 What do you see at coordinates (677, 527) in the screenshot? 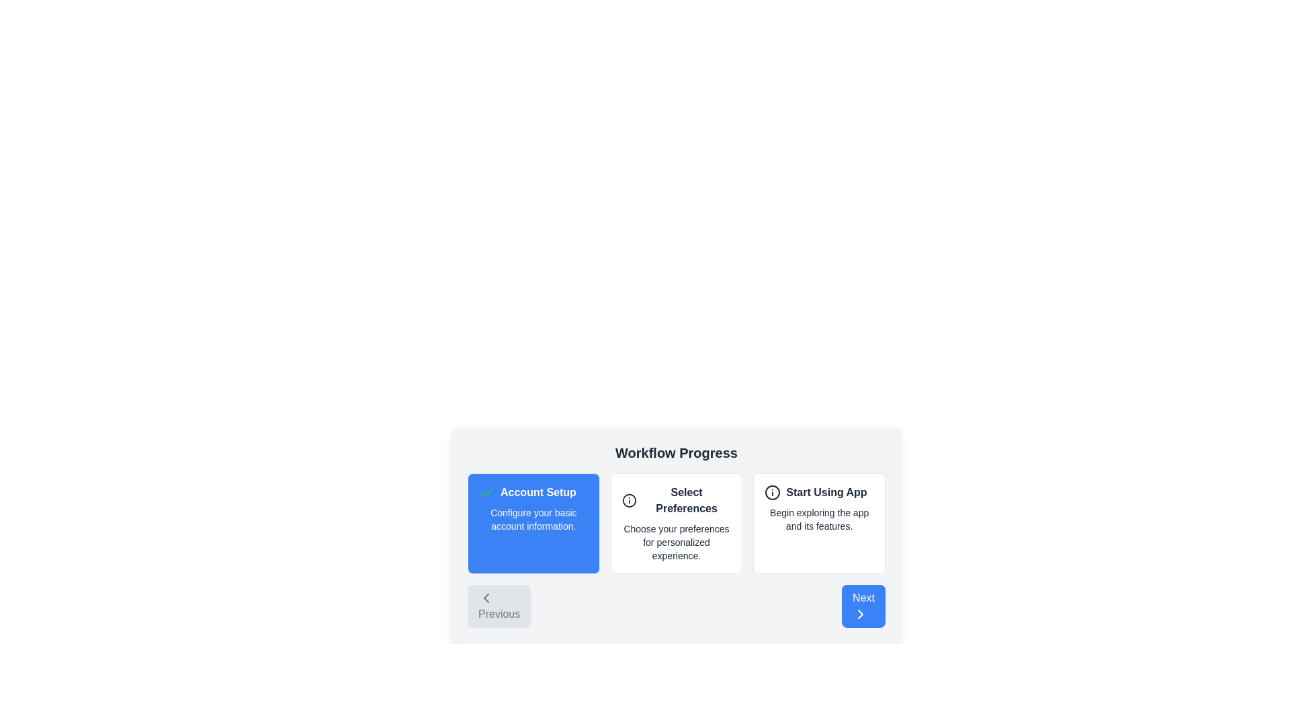
I see `the Workflow Progress component that displays the steps 'Account Setup', 'Select Preferences', 'Start Using App' and their statuses` at bounding box center [677, 527].